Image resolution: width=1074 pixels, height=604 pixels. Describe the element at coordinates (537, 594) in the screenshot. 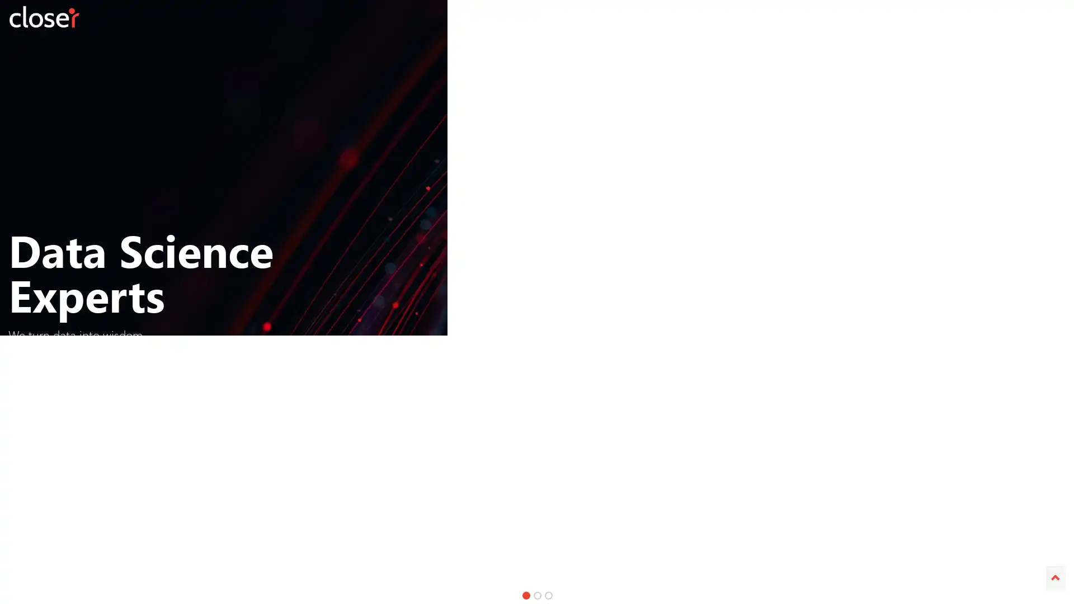

I see `2` at that location.